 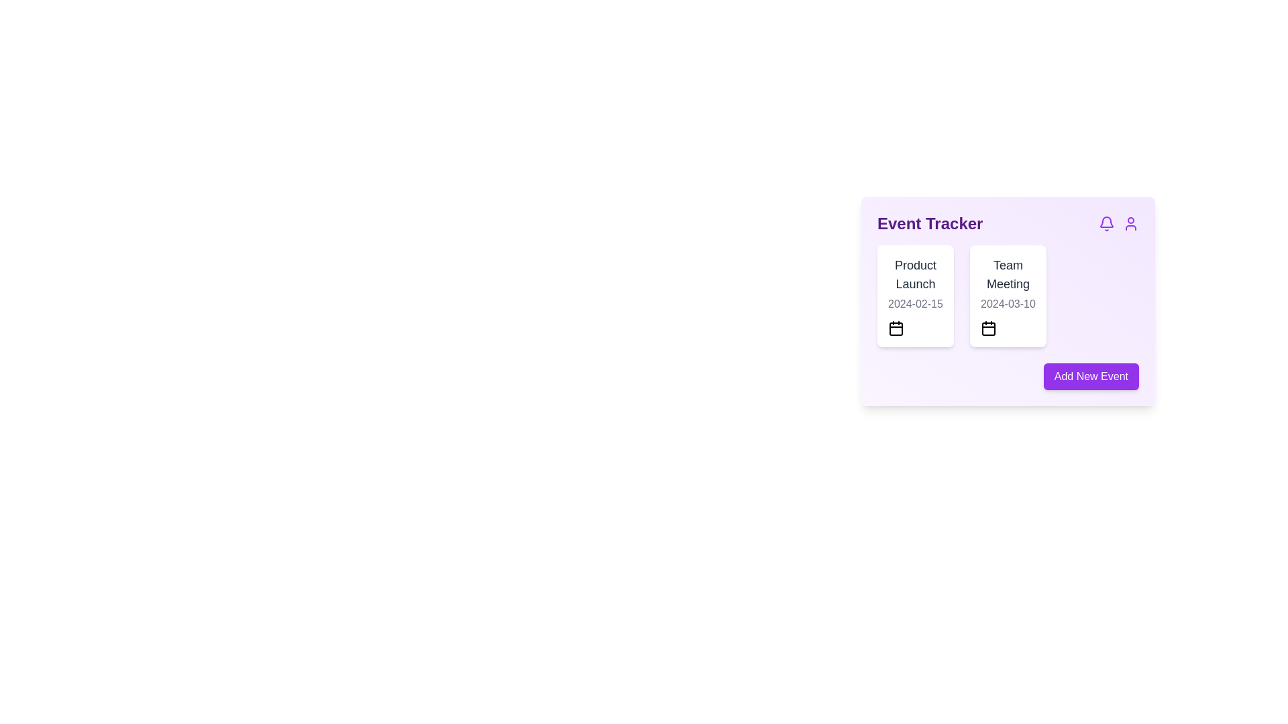 What do you see at coordinates (1008, 304) in the screenshot?
I see `the static text label displaying the date for the 'Team Meeting' event, which is located below the title in the second card of a horizontally arranged series of cards` at bounding box center [1008, 304].